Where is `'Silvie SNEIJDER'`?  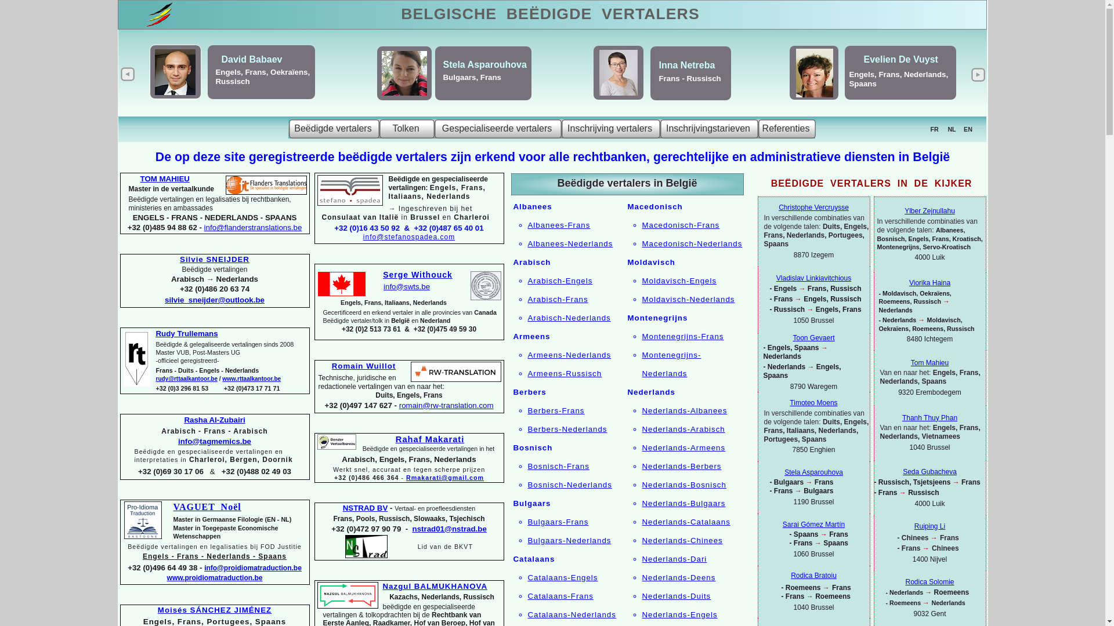
'Silvie SNEIJDER' is located at coordinates (179, 259).